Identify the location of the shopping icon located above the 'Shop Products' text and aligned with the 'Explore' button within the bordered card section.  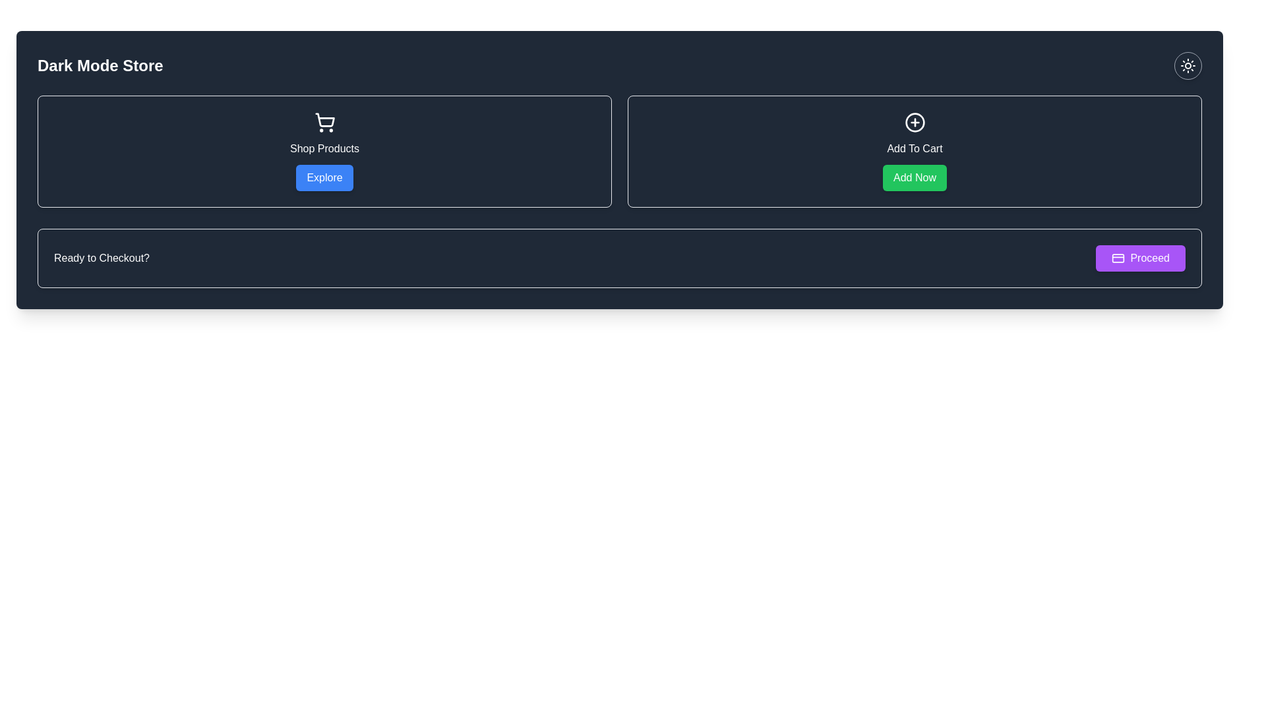
(324, 122).